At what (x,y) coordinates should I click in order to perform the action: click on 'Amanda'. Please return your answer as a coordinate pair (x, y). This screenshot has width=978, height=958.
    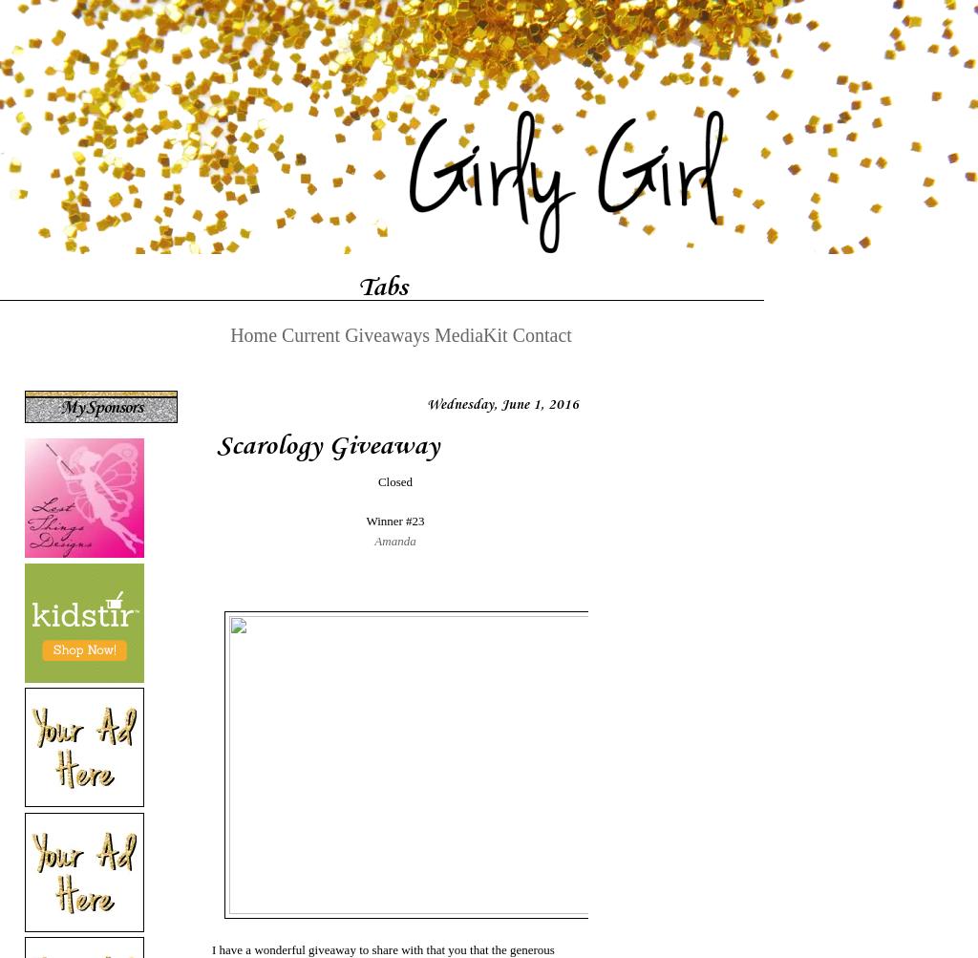
    Looking at the image, I should click on (393, 539).